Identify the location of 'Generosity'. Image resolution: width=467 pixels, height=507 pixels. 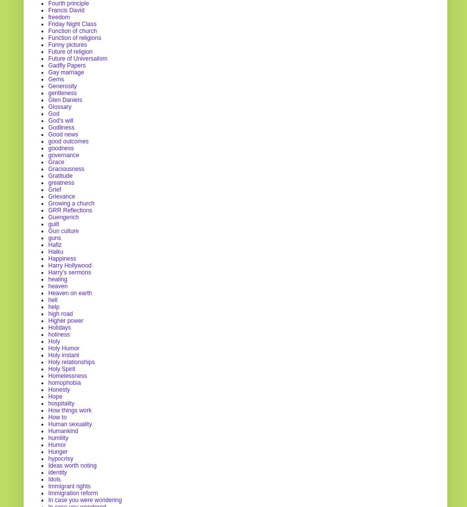
(62, 86).